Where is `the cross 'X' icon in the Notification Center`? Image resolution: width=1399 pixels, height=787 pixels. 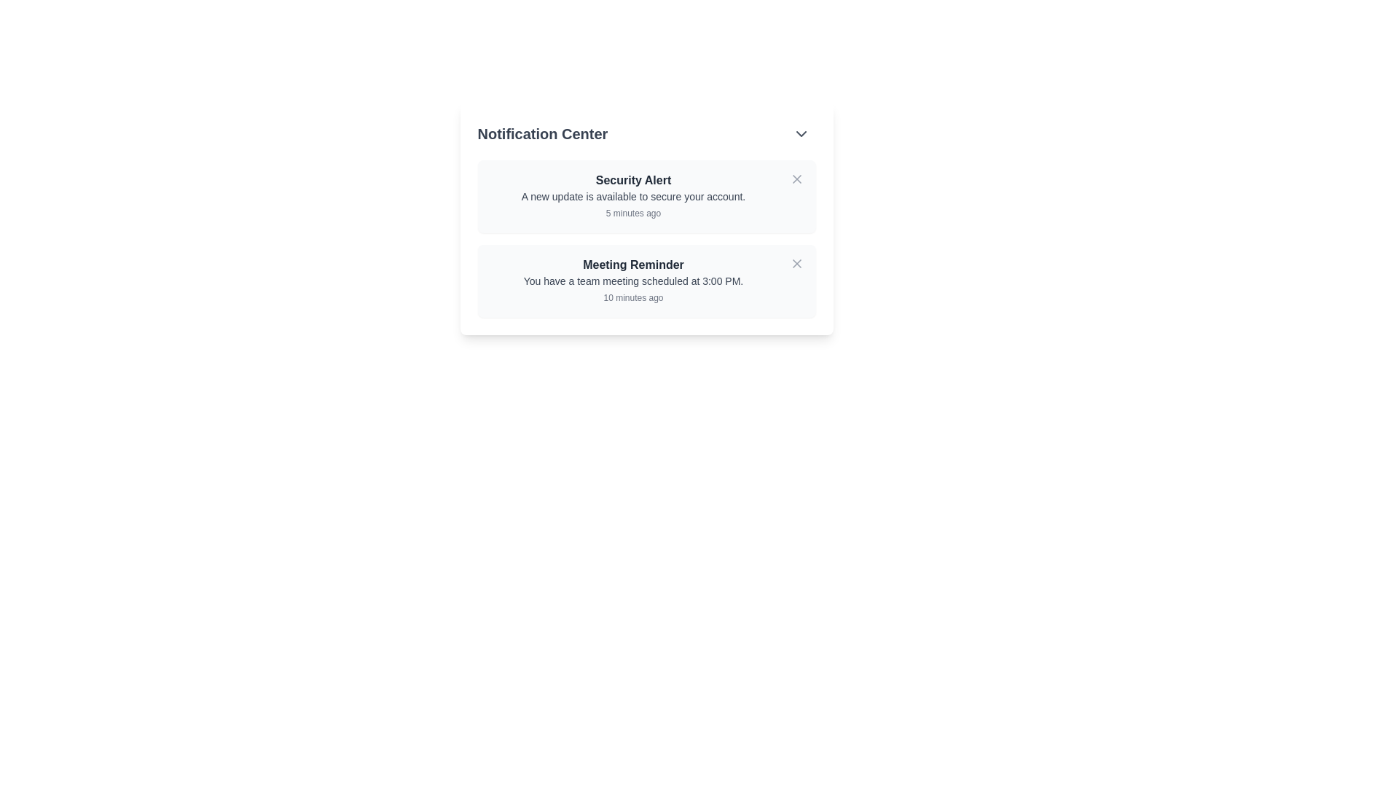 the cross 'X' icon in the Notification Center is located at coordinates (796, 179).